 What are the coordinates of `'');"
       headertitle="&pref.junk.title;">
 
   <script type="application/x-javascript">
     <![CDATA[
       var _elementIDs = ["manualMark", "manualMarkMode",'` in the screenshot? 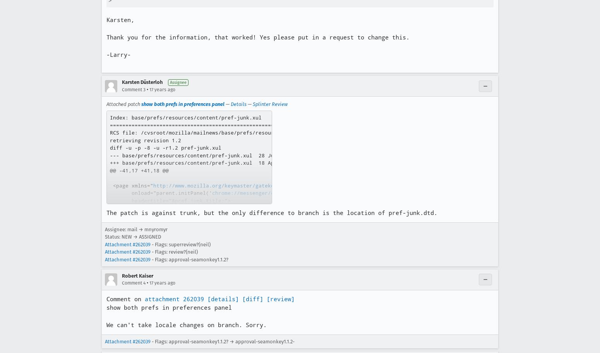 It's located at (229, 211).